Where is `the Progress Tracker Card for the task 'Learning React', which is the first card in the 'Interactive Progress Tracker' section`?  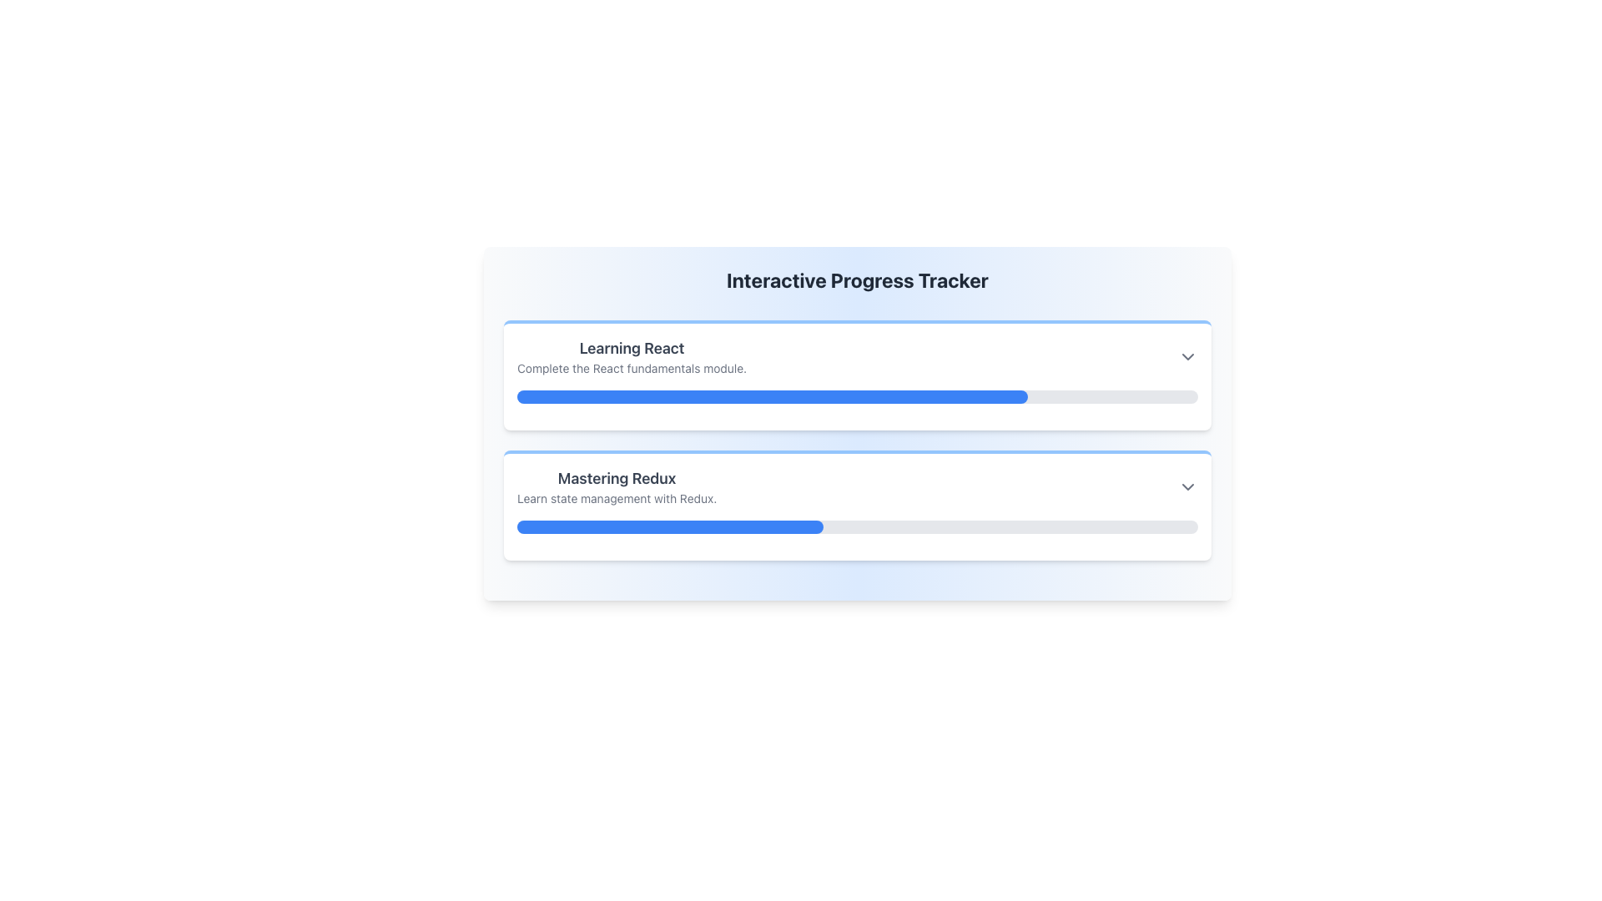
the Progress Tracker Card for the task 'Learning React', which is the first card in the 'Interactive Progress Tracker' section is located at coordinates (857, 375).